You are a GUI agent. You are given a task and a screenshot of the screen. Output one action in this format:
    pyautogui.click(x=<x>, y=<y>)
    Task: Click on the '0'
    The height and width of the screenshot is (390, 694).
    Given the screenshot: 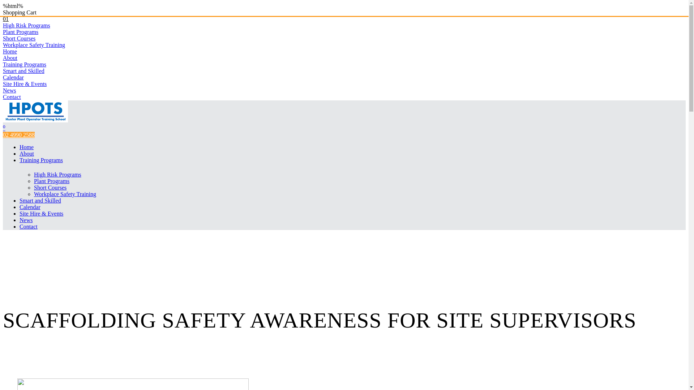 What is the action you would take?
    pyautogui.click(x=4, y=128)
    